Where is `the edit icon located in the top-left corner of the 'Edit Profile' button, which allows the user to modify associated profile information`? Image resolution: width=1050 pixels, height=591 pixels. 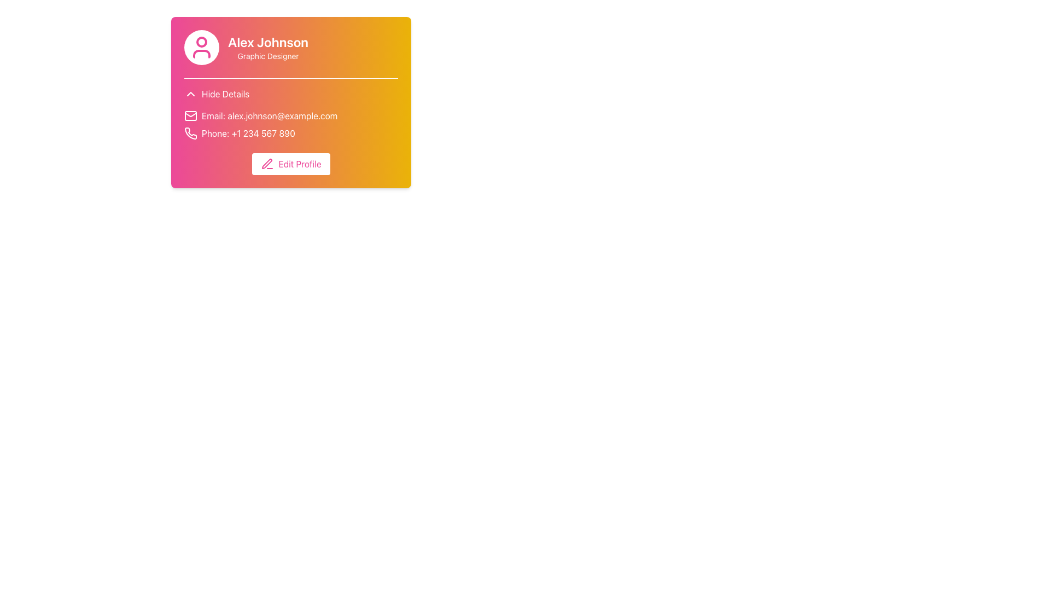
the edit icon located in the top-left corner of the 'Edit Profile' button, which allows the user to modify associated profile information is located at coordinates (267, 164).